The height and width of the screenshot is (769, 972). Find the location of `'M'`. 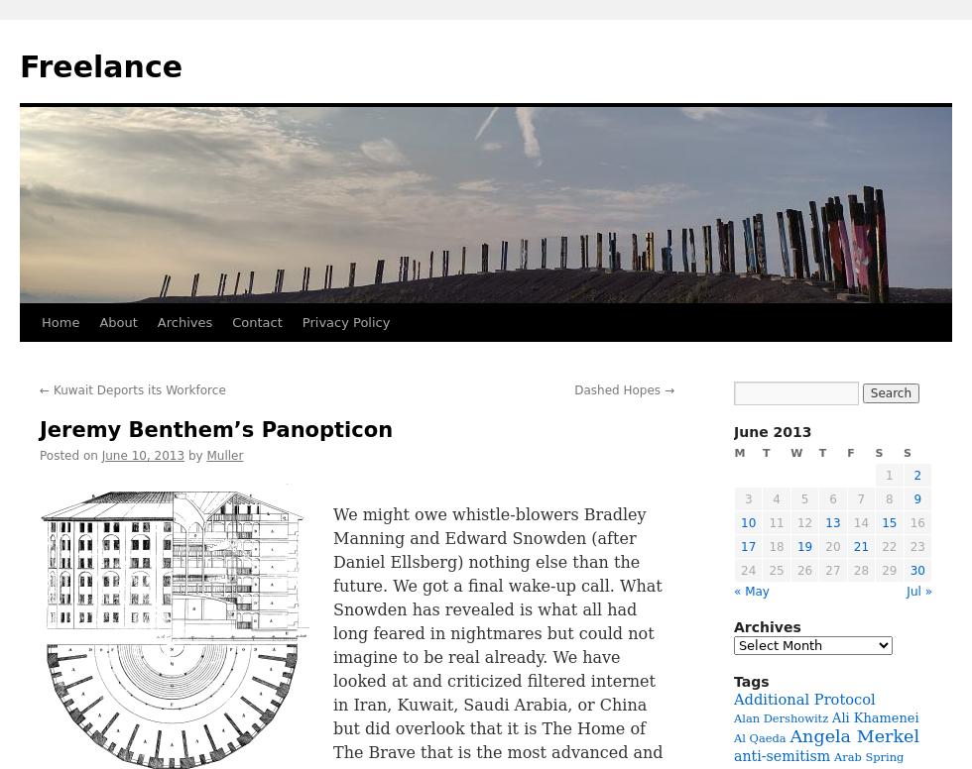

'M' is located at coordinates (739, 452).